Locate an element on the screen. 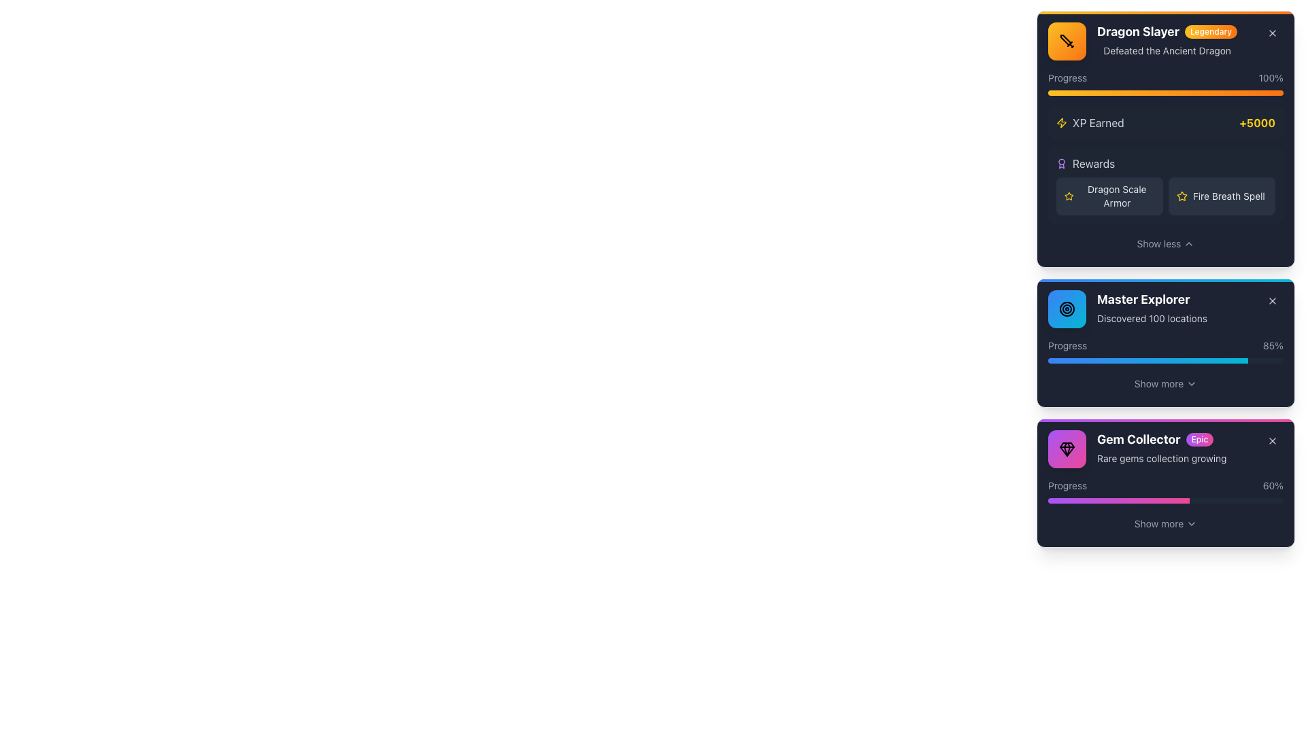 The height and width of the screenshot is (734, 1306). the label text within the button component of the 'Gem Collector' section is located at coordinates (1158, 523).